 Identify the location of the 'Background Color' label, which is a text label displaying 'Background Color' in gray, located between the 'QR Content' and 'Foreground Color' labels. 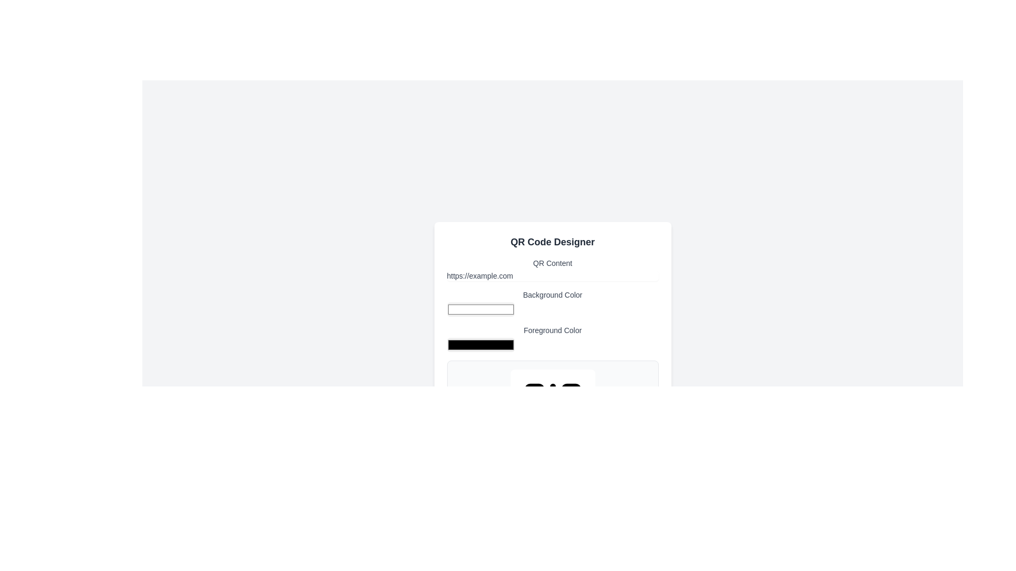
(552, 303).